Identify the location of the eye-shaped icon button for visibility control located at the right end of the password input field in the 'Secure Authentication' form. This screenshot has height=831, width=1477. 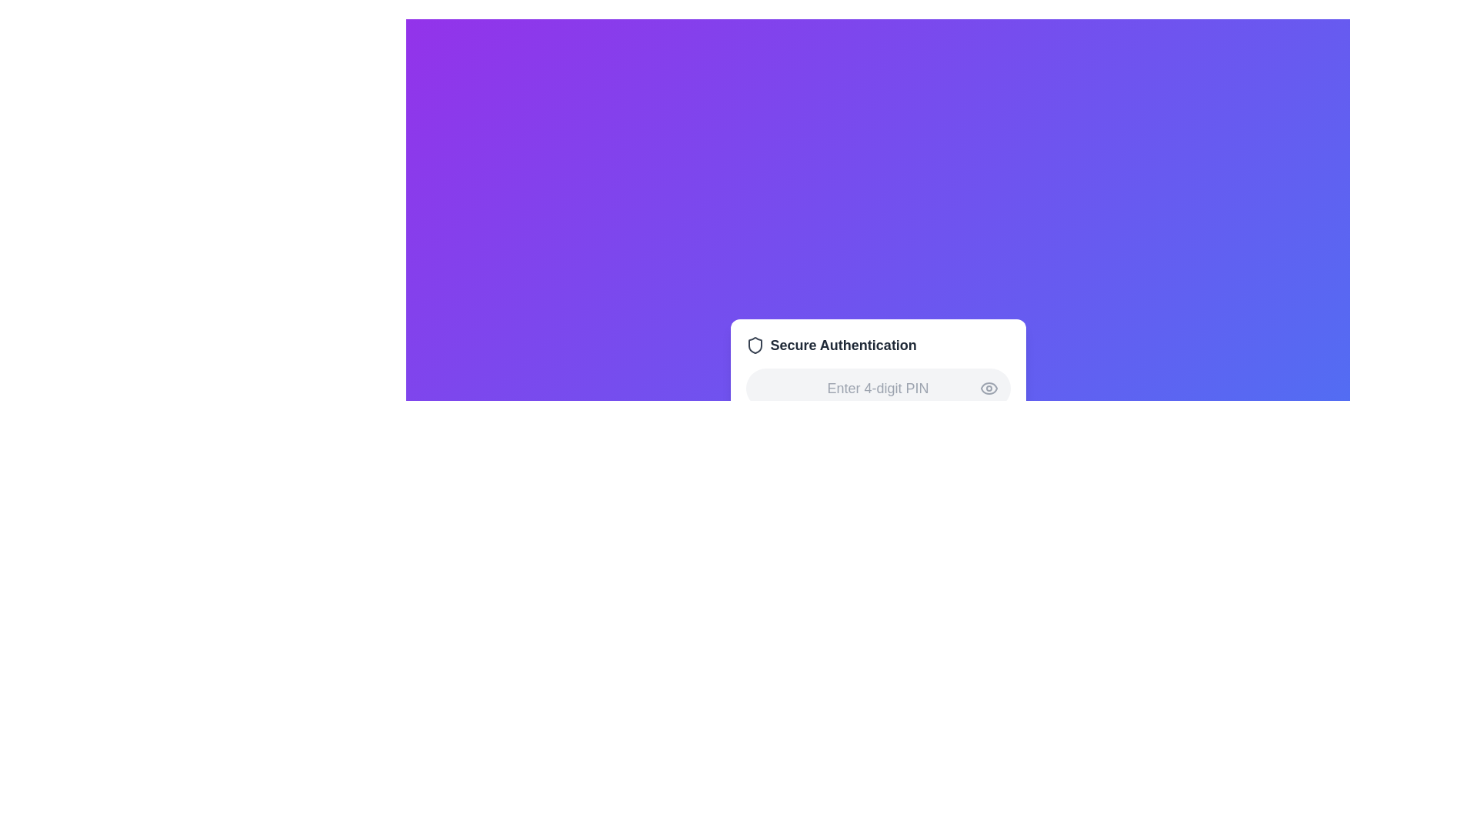
(989, 388).